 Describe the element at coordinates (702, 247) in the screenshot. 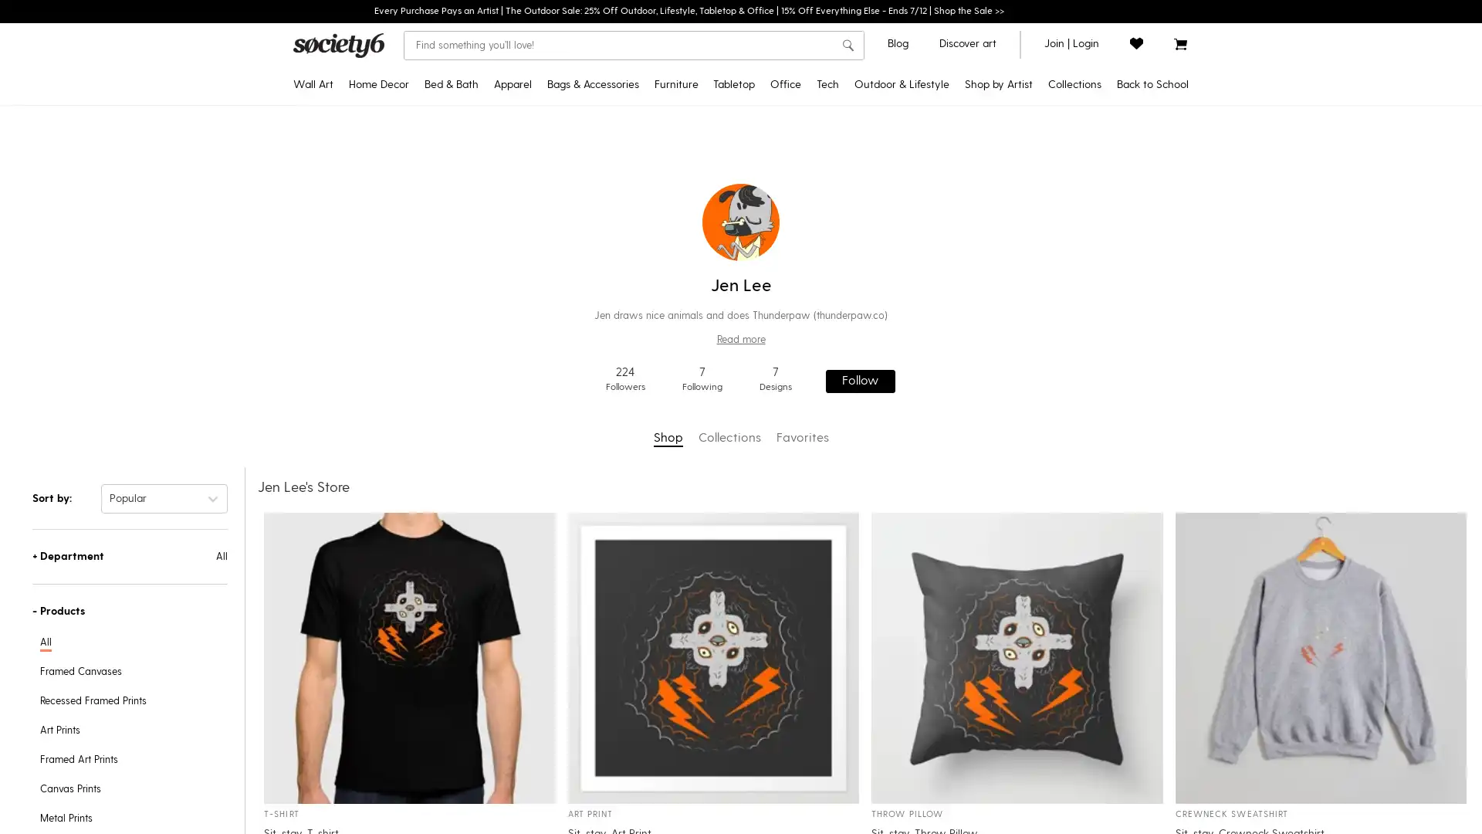

I see `Coffee Tables` at that location.